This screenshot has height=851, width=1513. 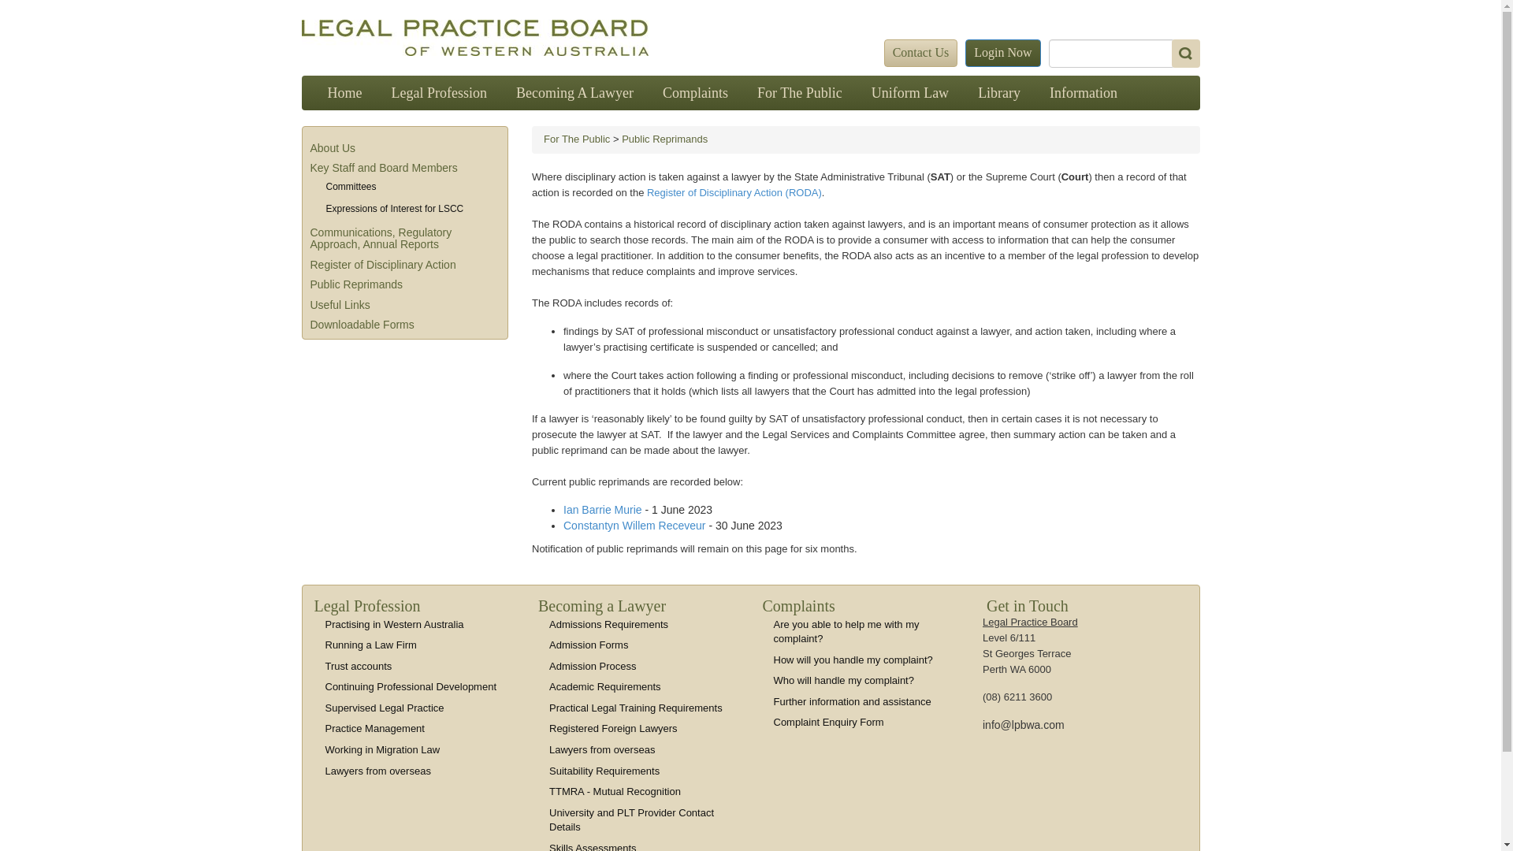 What do you see at coordinates (325, 185) in the screenshot?
I see `'Committees'` at bounding box center [325, 185].